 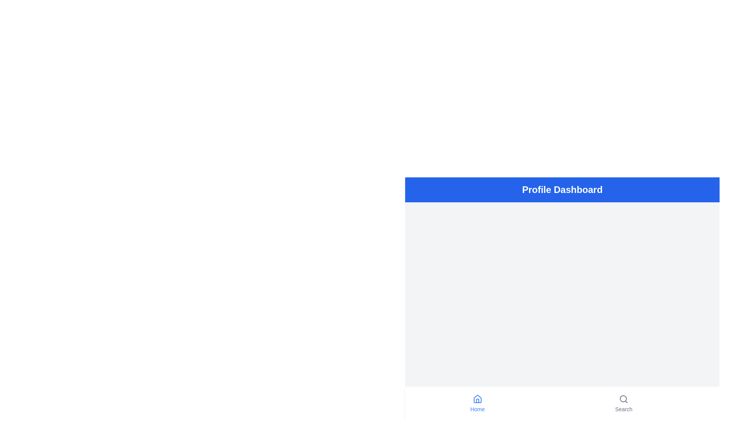 I want to click on the 'Home' text label located in the bottom navigation bar, which is positioned beneath the house icon, so click(x=477, y=409).